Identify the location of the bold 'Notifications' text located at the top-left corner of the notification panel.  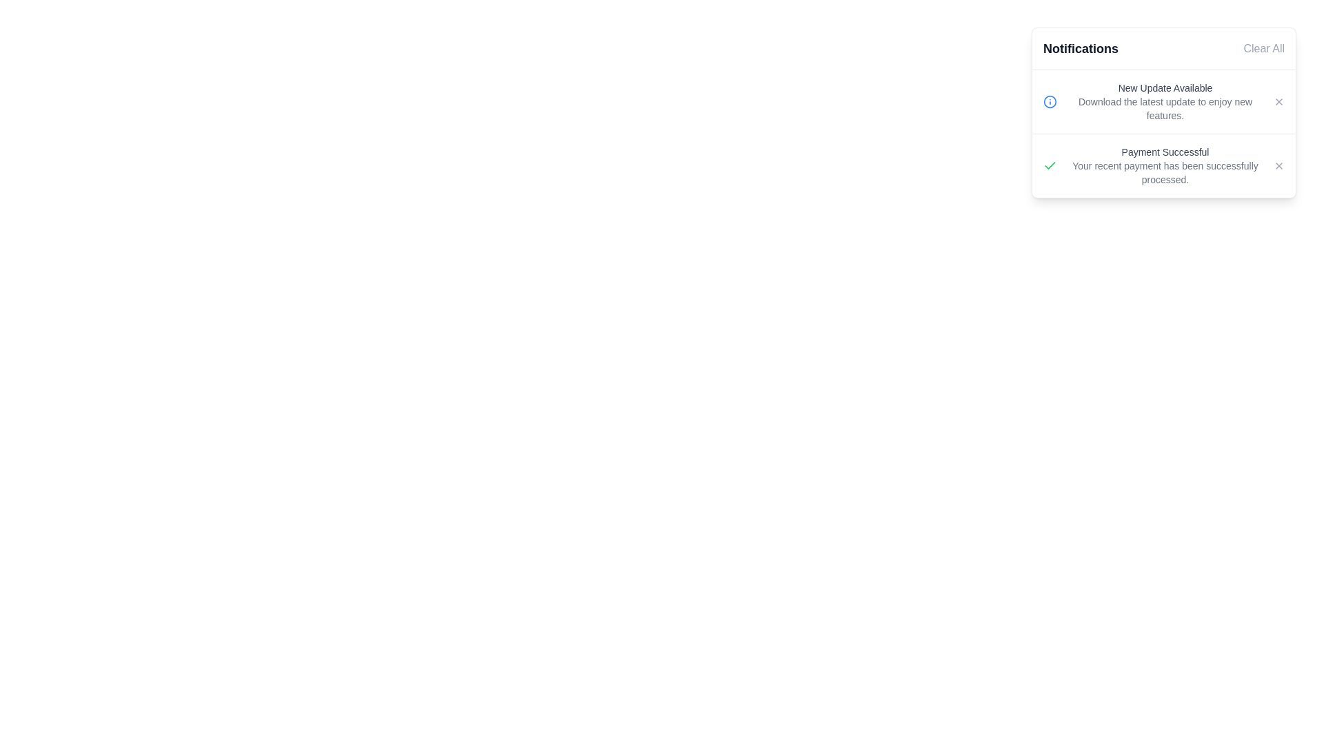
(1080, 48).